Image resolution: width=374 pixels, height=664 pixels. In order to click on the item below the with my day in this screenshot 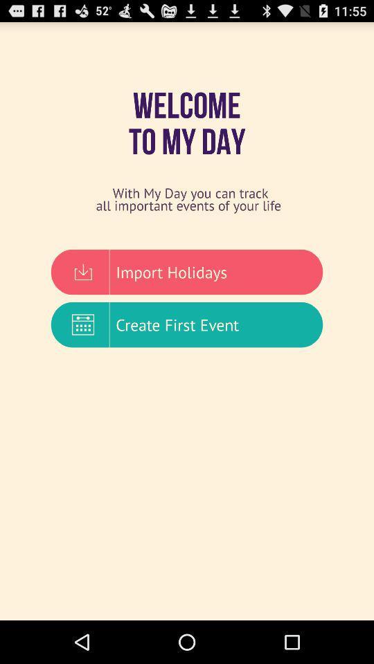, I will do `click(187, 271)`.